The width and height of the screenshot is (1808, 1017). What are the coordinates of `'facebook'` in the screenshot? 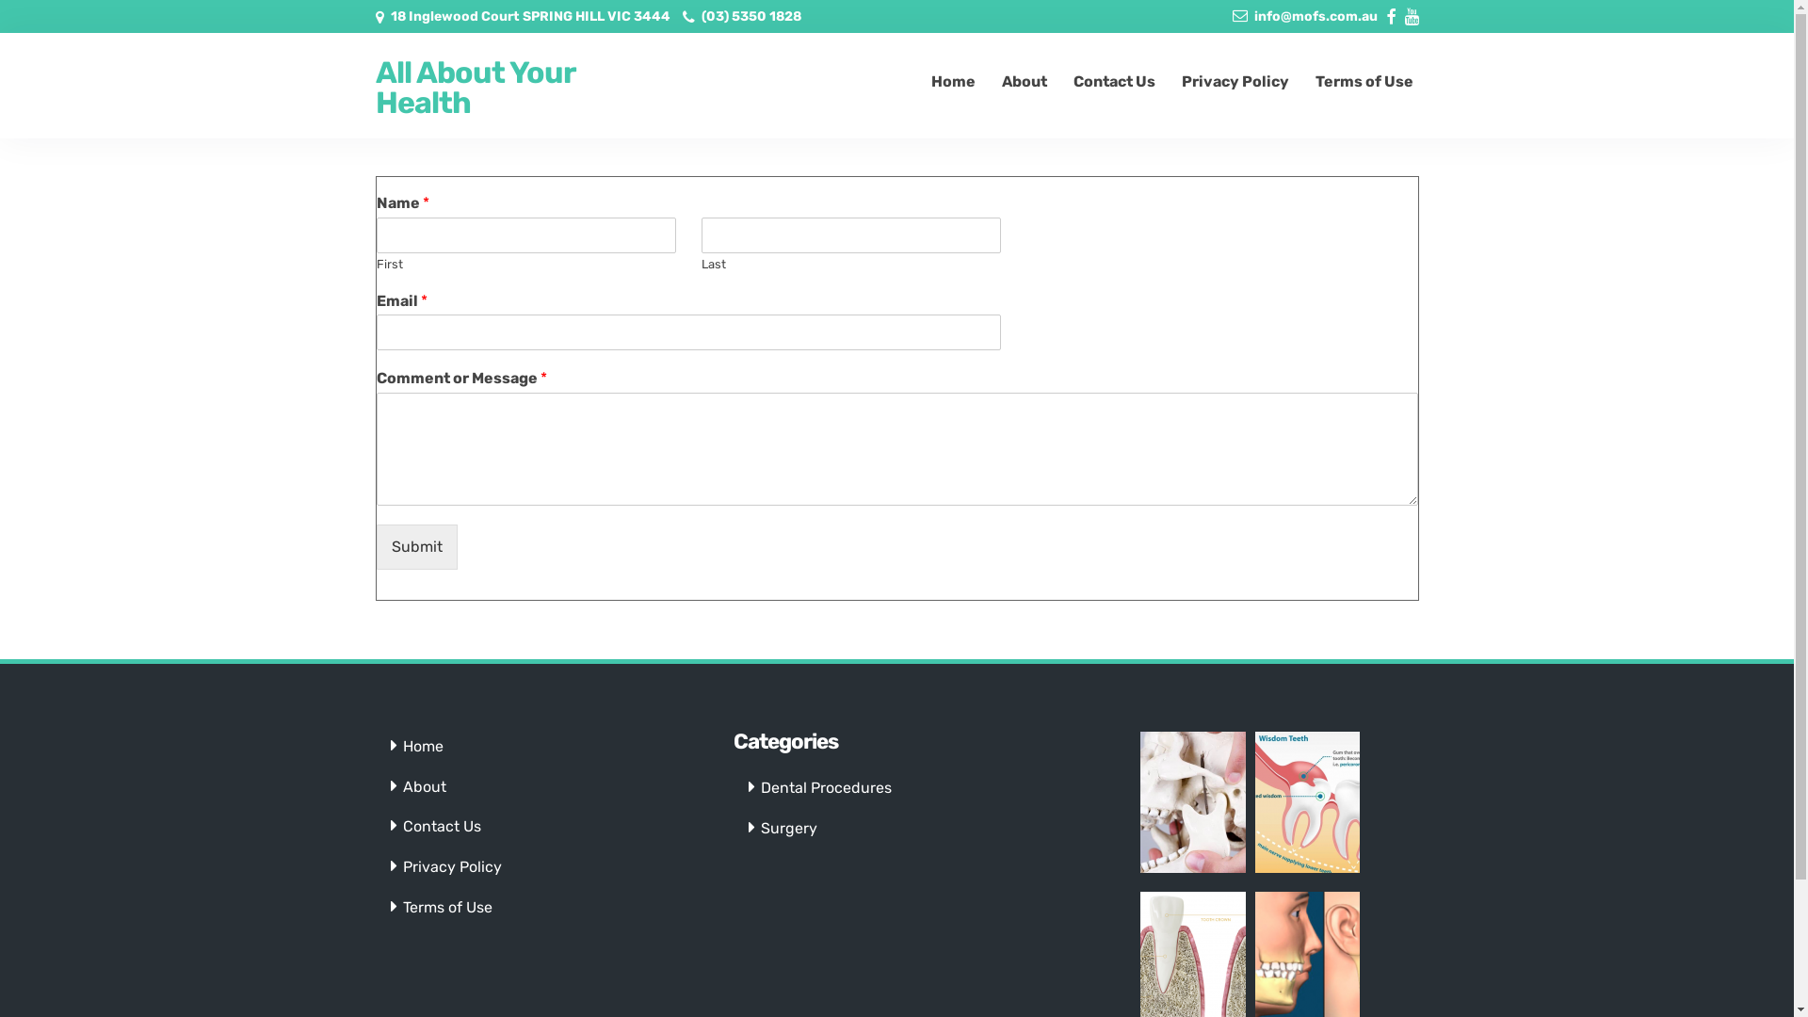 It's located at (1386, 12).